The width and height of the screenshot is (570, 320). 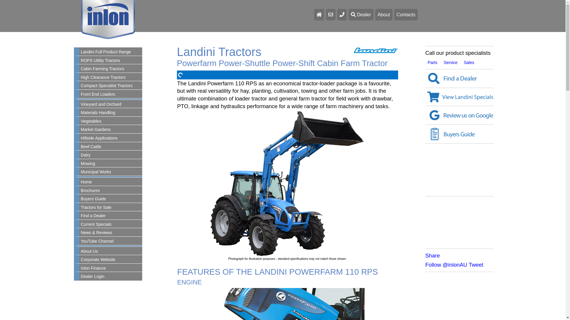 I want to click on 'ROPS Utility Tractors', so click(x=111, y=60).